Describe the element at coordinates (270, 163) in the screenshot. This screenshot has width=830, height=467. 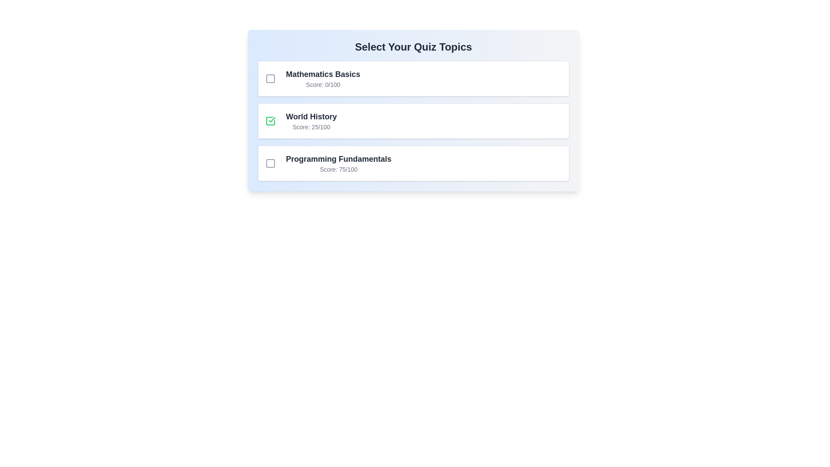
I see `the quiz topic Programming Fundamentals` at that location.